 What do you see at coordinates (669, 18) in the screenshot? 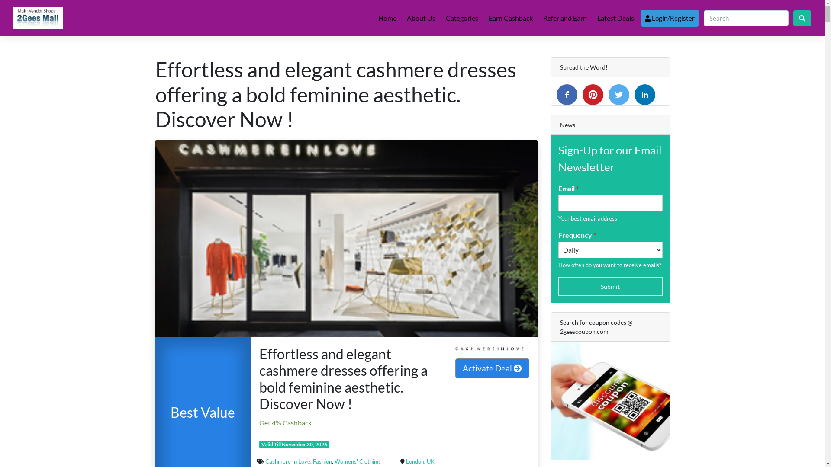
I see `'Login/Register'` at bounding box center [669, 18].